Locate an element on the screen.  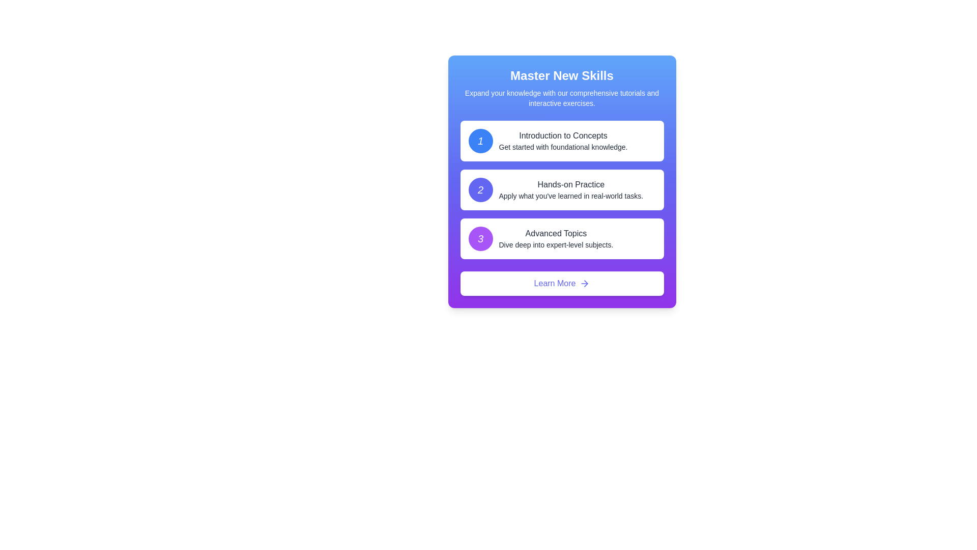
the 'Advanced Topics' label, which is a medium-weight font text label located within a purple section of a vertically-aligned card layout as the third item in the list is located at coordinates (555, 234).